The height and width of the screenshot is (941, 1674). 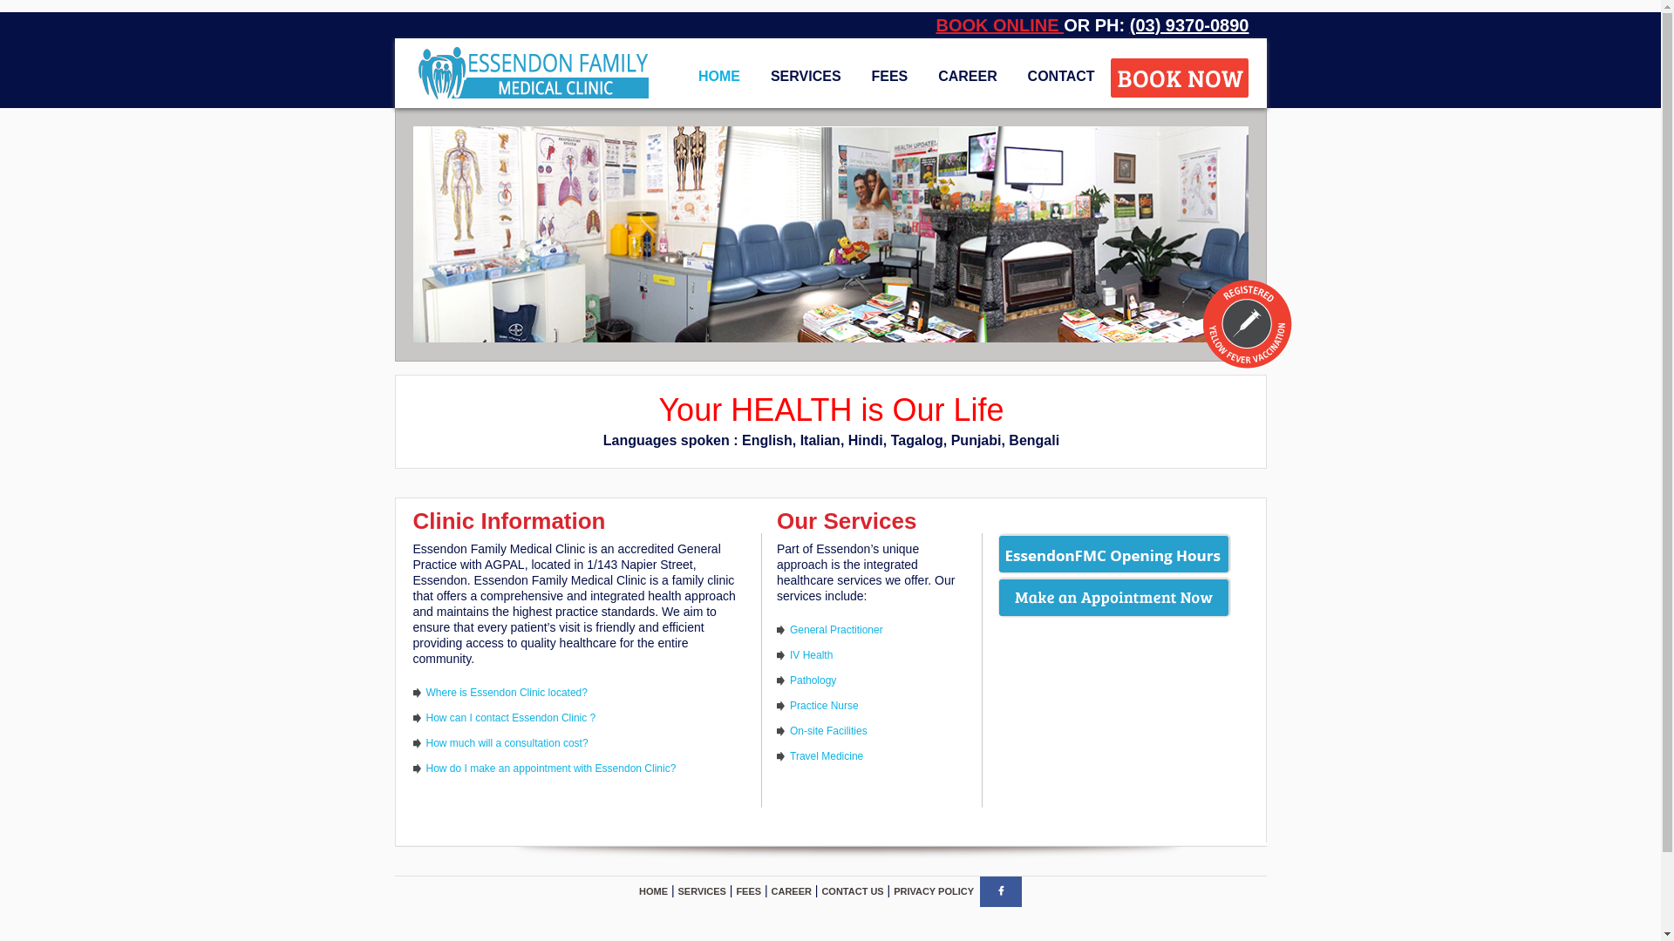 I want to click on 'CONTACT US', so click(x=852, y=890).